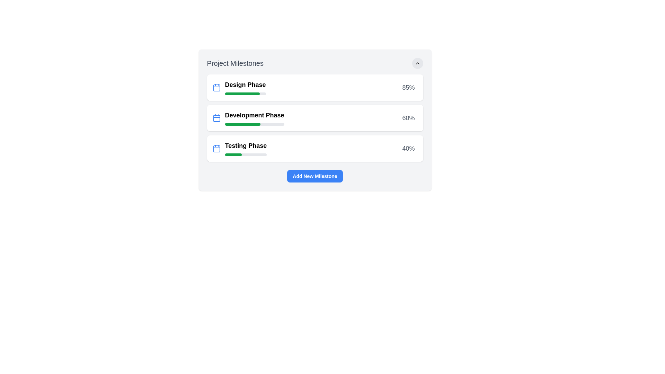 This screenshot has height=374, width=665. Describe the element at coordinates (216, 88) in the screenshot. I see `the decorative shape within the blue calendar icon, which has rounded corners, located adjacent to the 'Development Phase' label in the milestones list` at that location.